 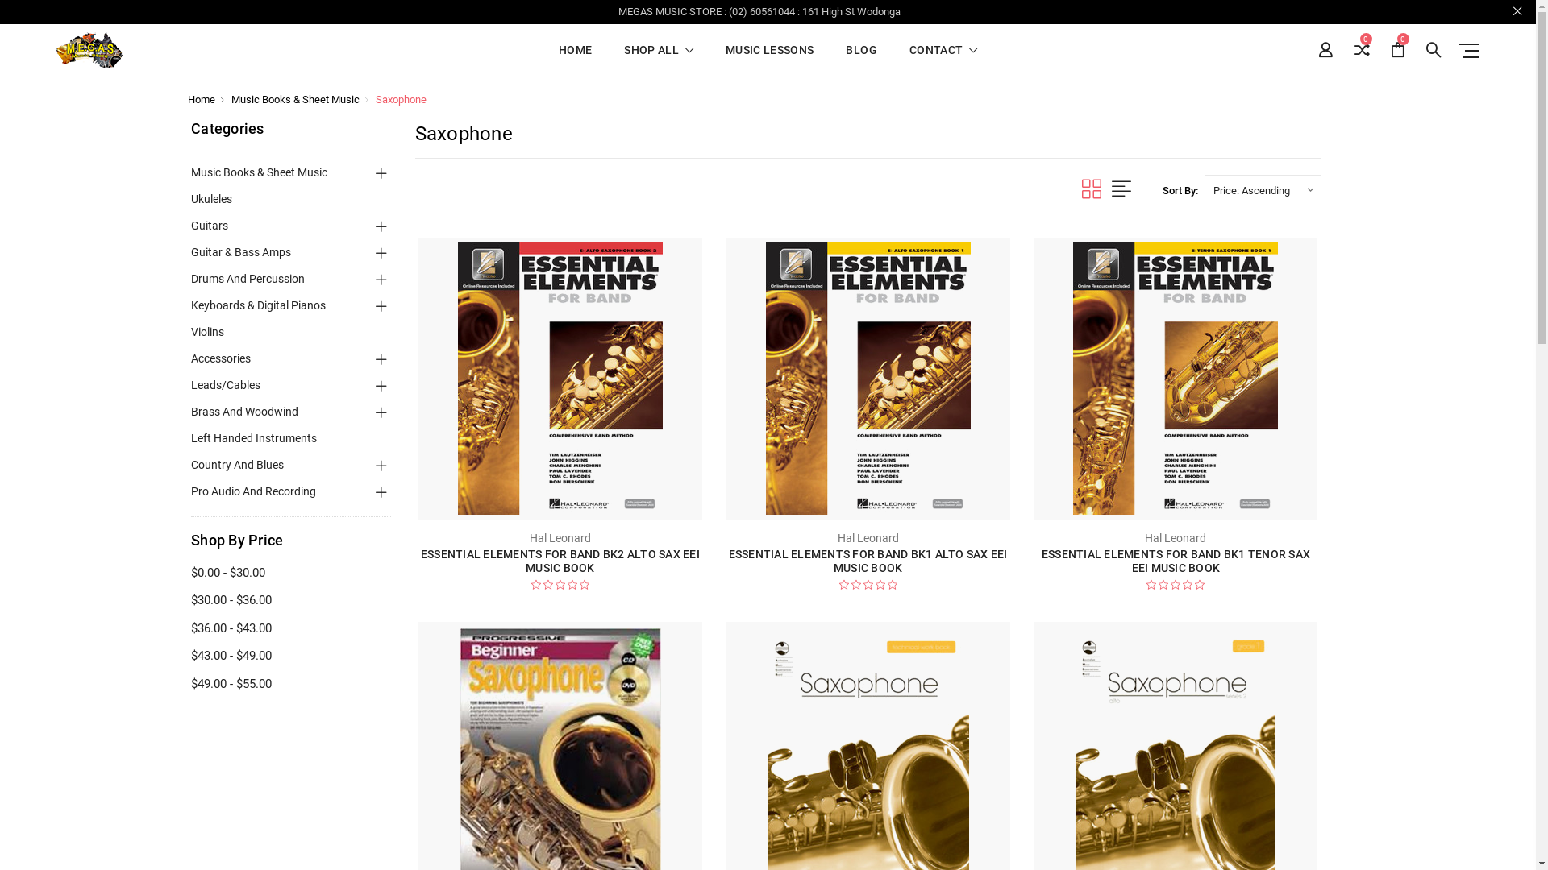 I want to click on 'Saxophone', so click(x=401, y=99).